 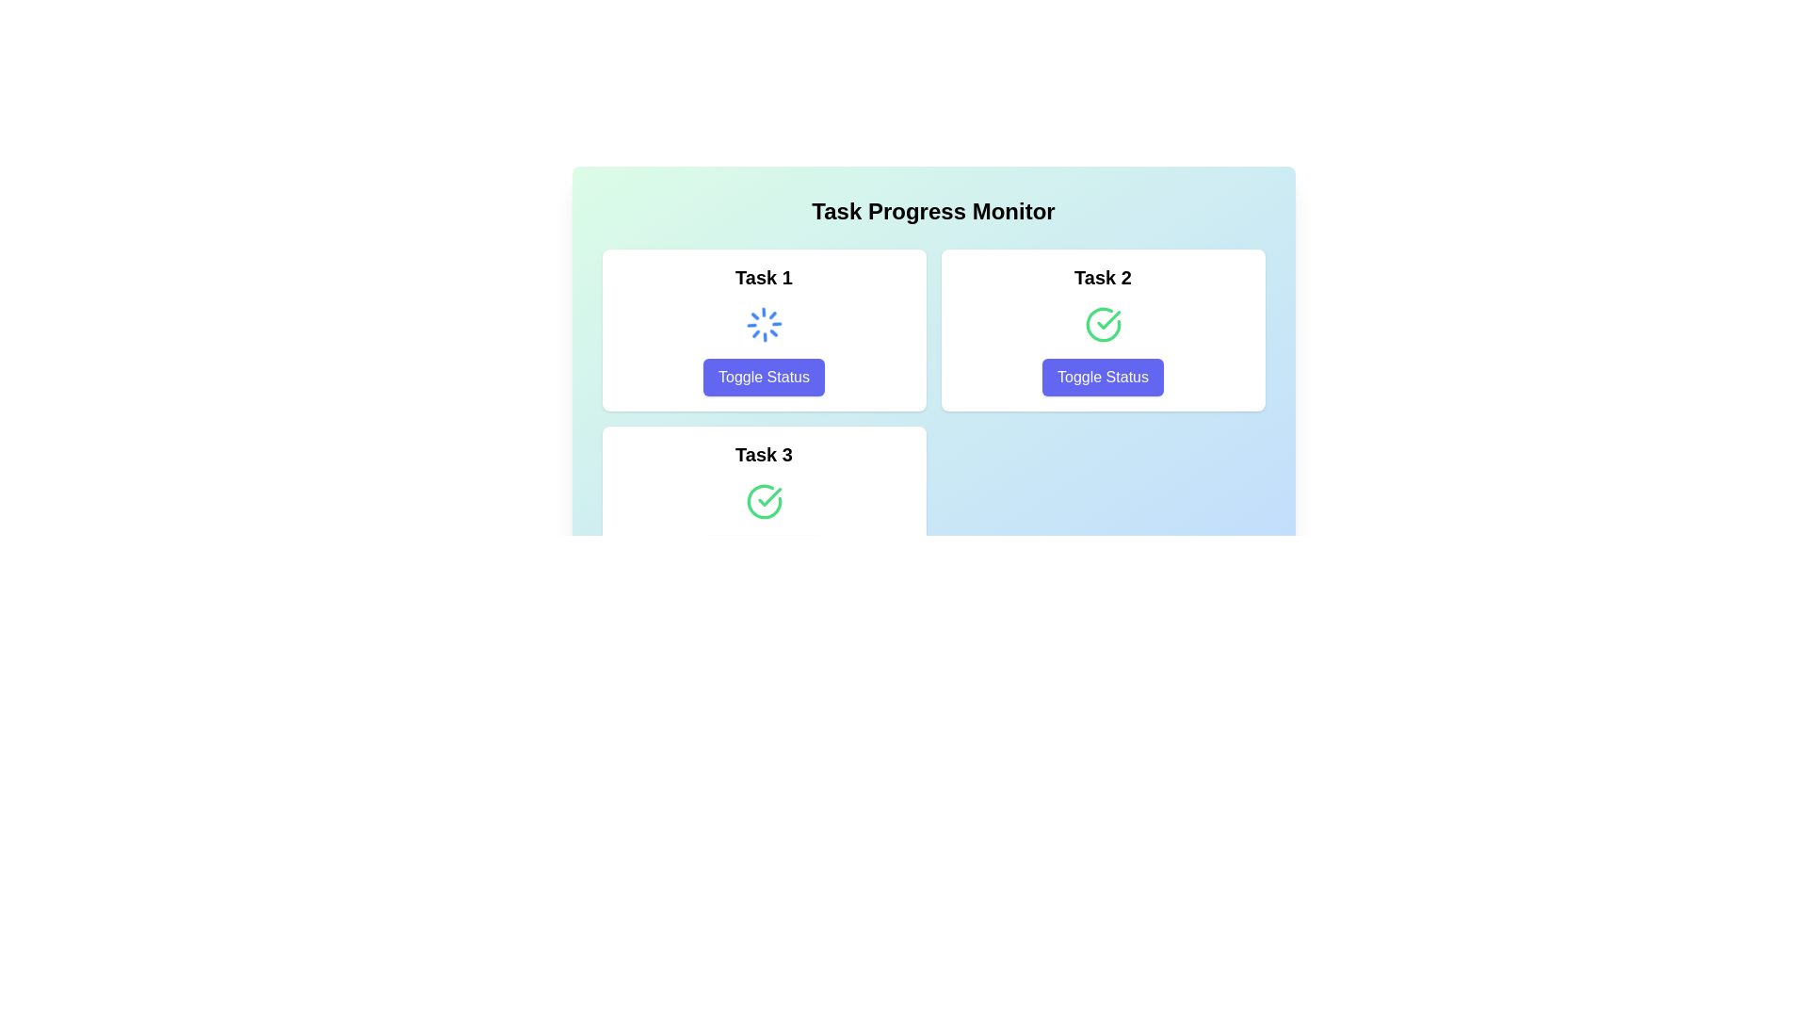 What do you see at coordinates (764, 323) in the screenshot?
I see `the Loading indicator (animated icon) located in the Task 1 card, positioned above the Toggle Status button and below the Task 1 title text` at bounding box center [764, 323].